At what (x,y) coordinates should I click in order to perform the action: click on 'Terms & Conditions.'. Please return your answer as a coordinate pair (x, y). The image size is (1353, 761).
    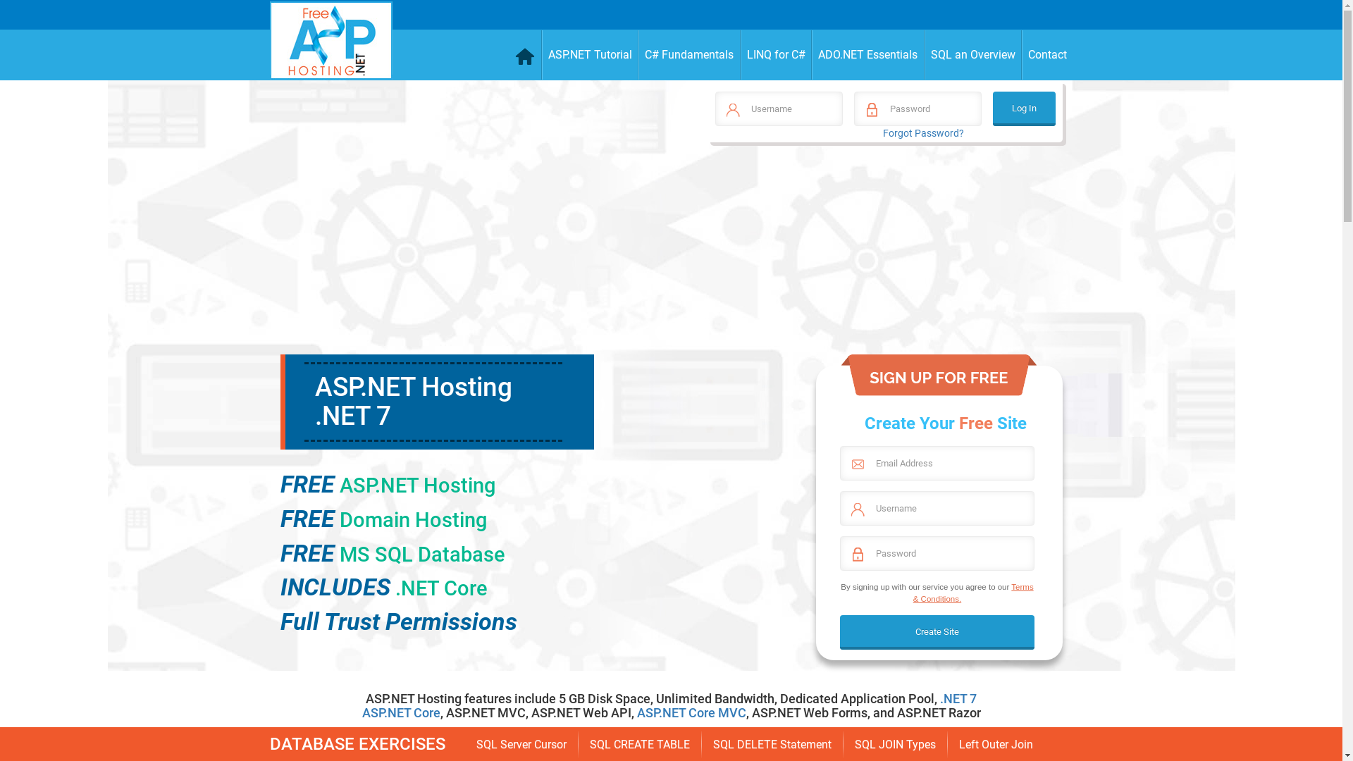
    Looking at the image, I should click on (972, 592).